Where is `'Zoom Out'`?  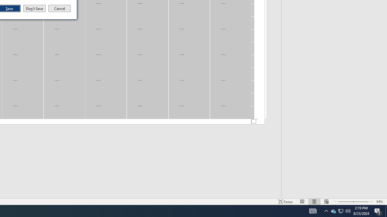
'Zoom Out' is located at coordinates (341, 210).